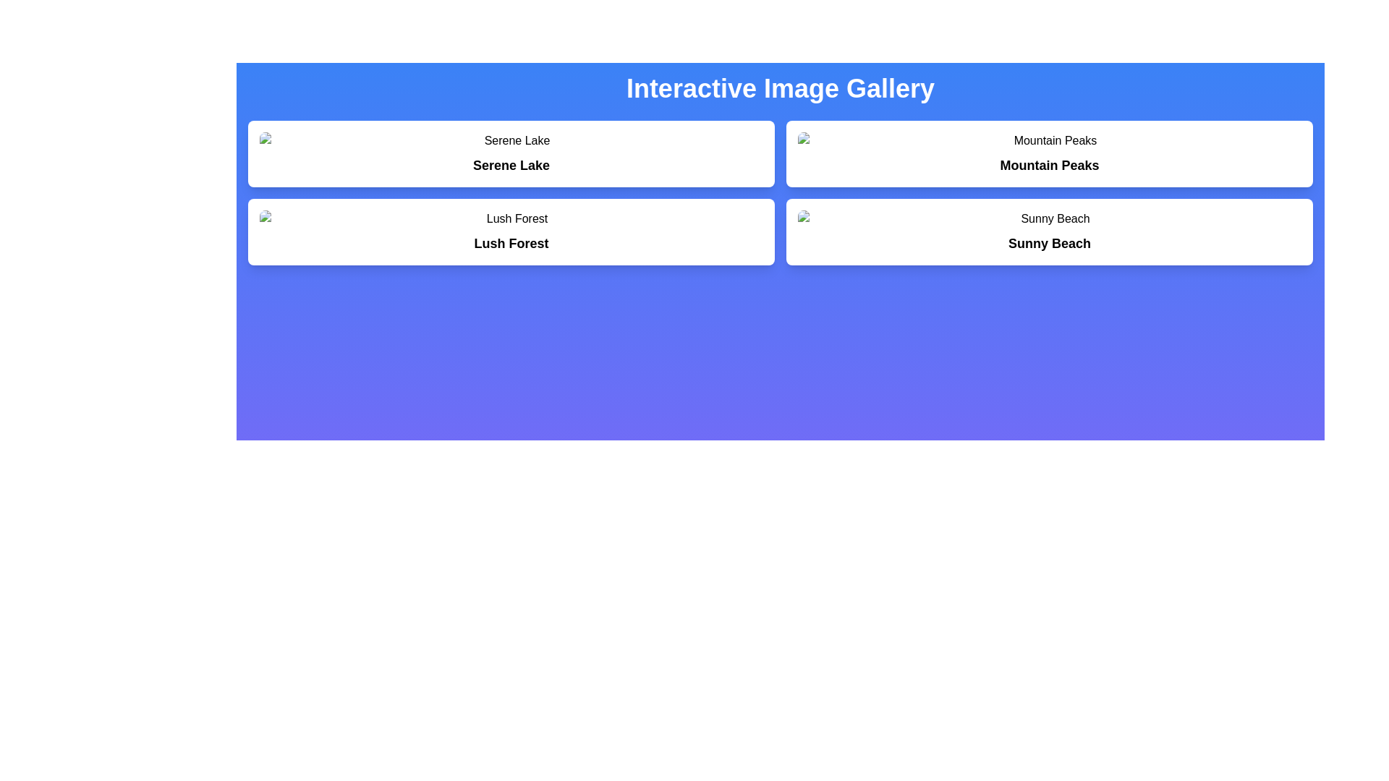  What do you see at coordinates (1049, 242) in the screenshot?
I see `the bold, black text 'Sunny Beach' displayed in a larger font size within a white, rounded box against a vibrant gradient blue background` at bounding box center [1049, 242].